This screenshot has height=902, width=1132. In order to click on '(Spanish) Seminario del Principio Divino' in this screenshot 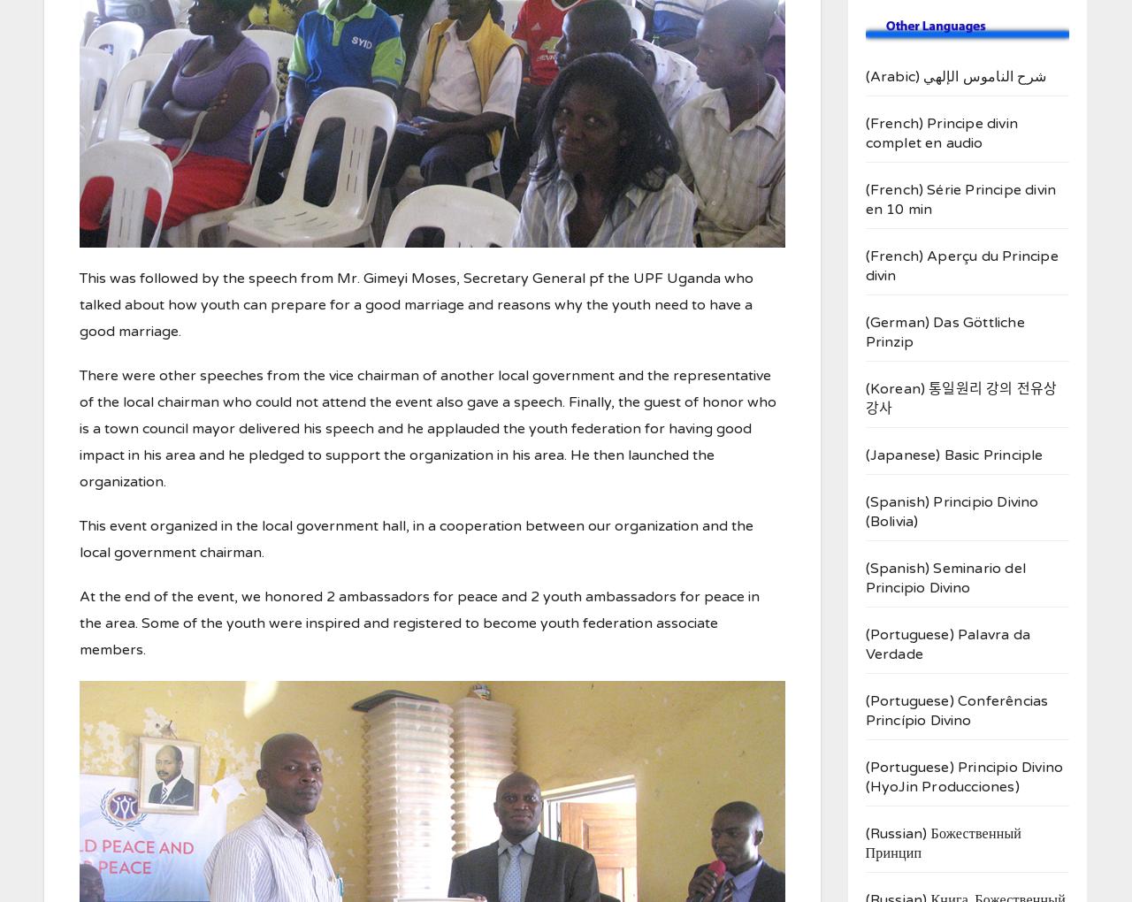, I will do `click(945, 578)`.